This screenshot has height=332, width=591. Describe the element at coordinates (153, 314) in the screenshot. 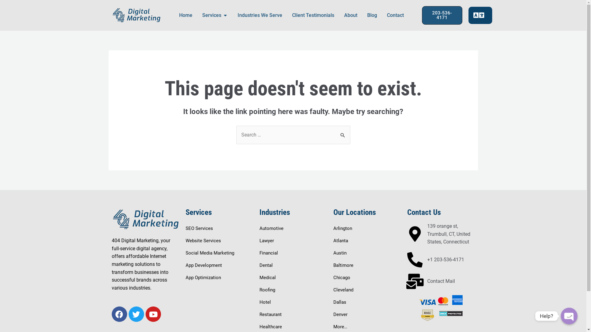

I see `'Youtube'` at that location.